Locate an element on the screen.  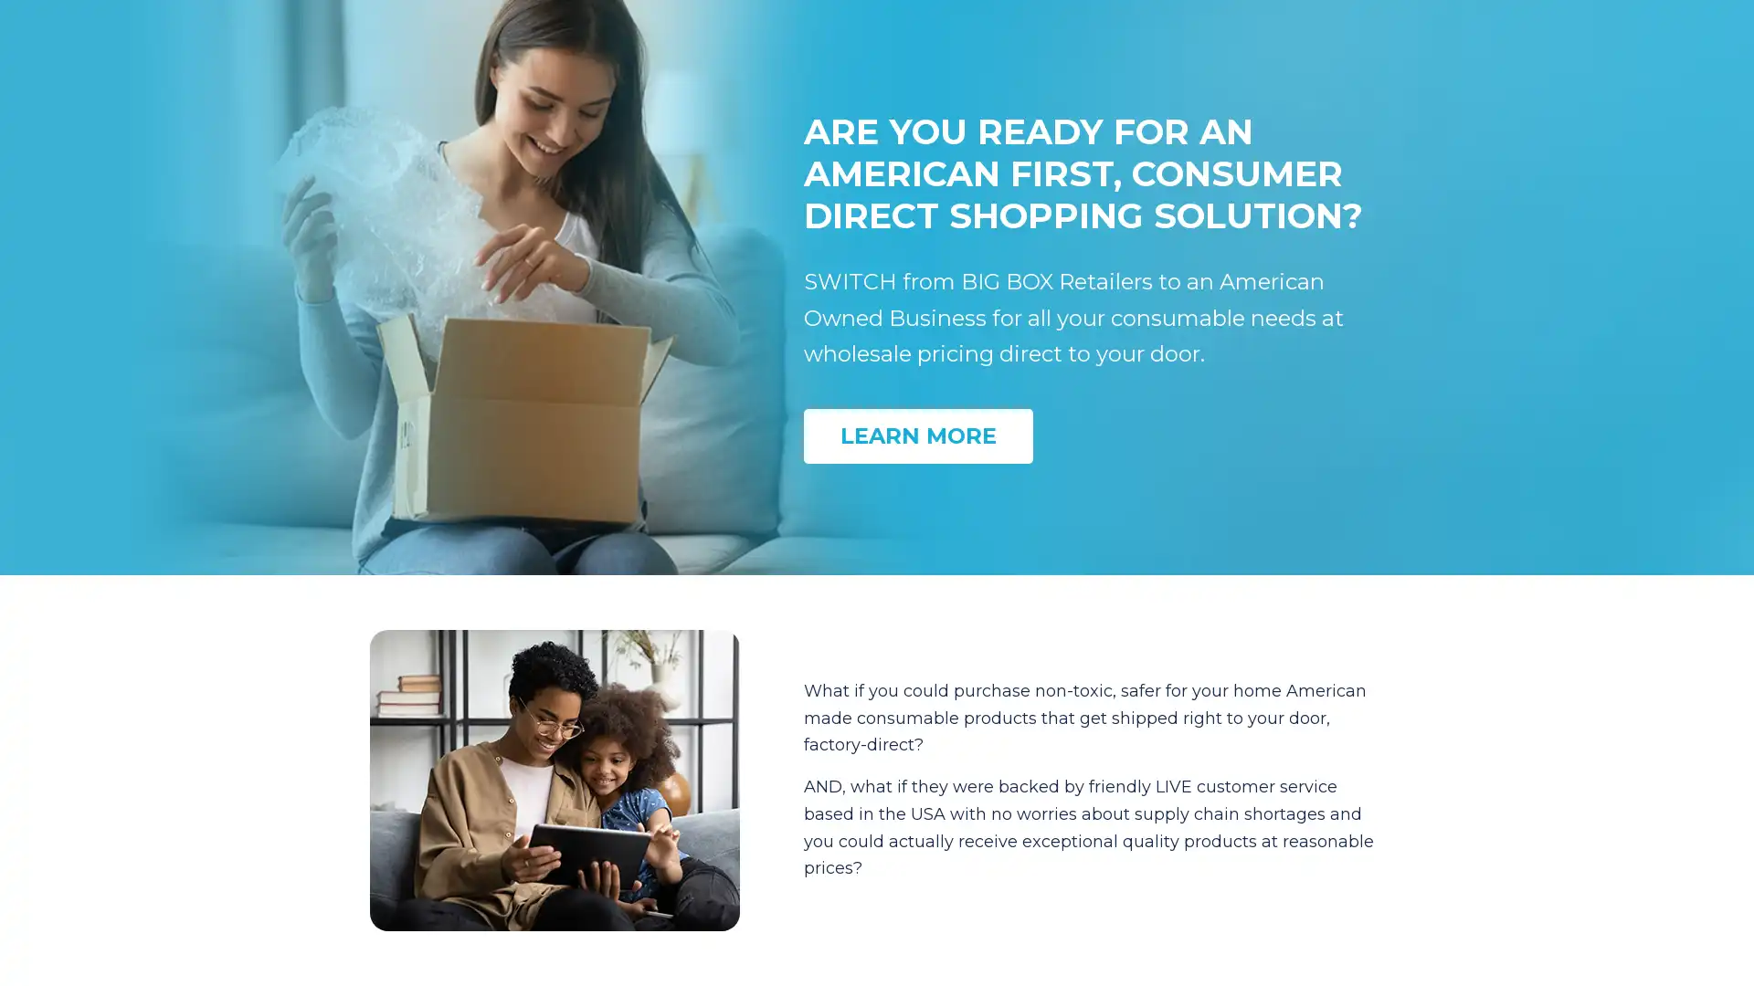
LEARN MORE is located at coordinates (918, 435).